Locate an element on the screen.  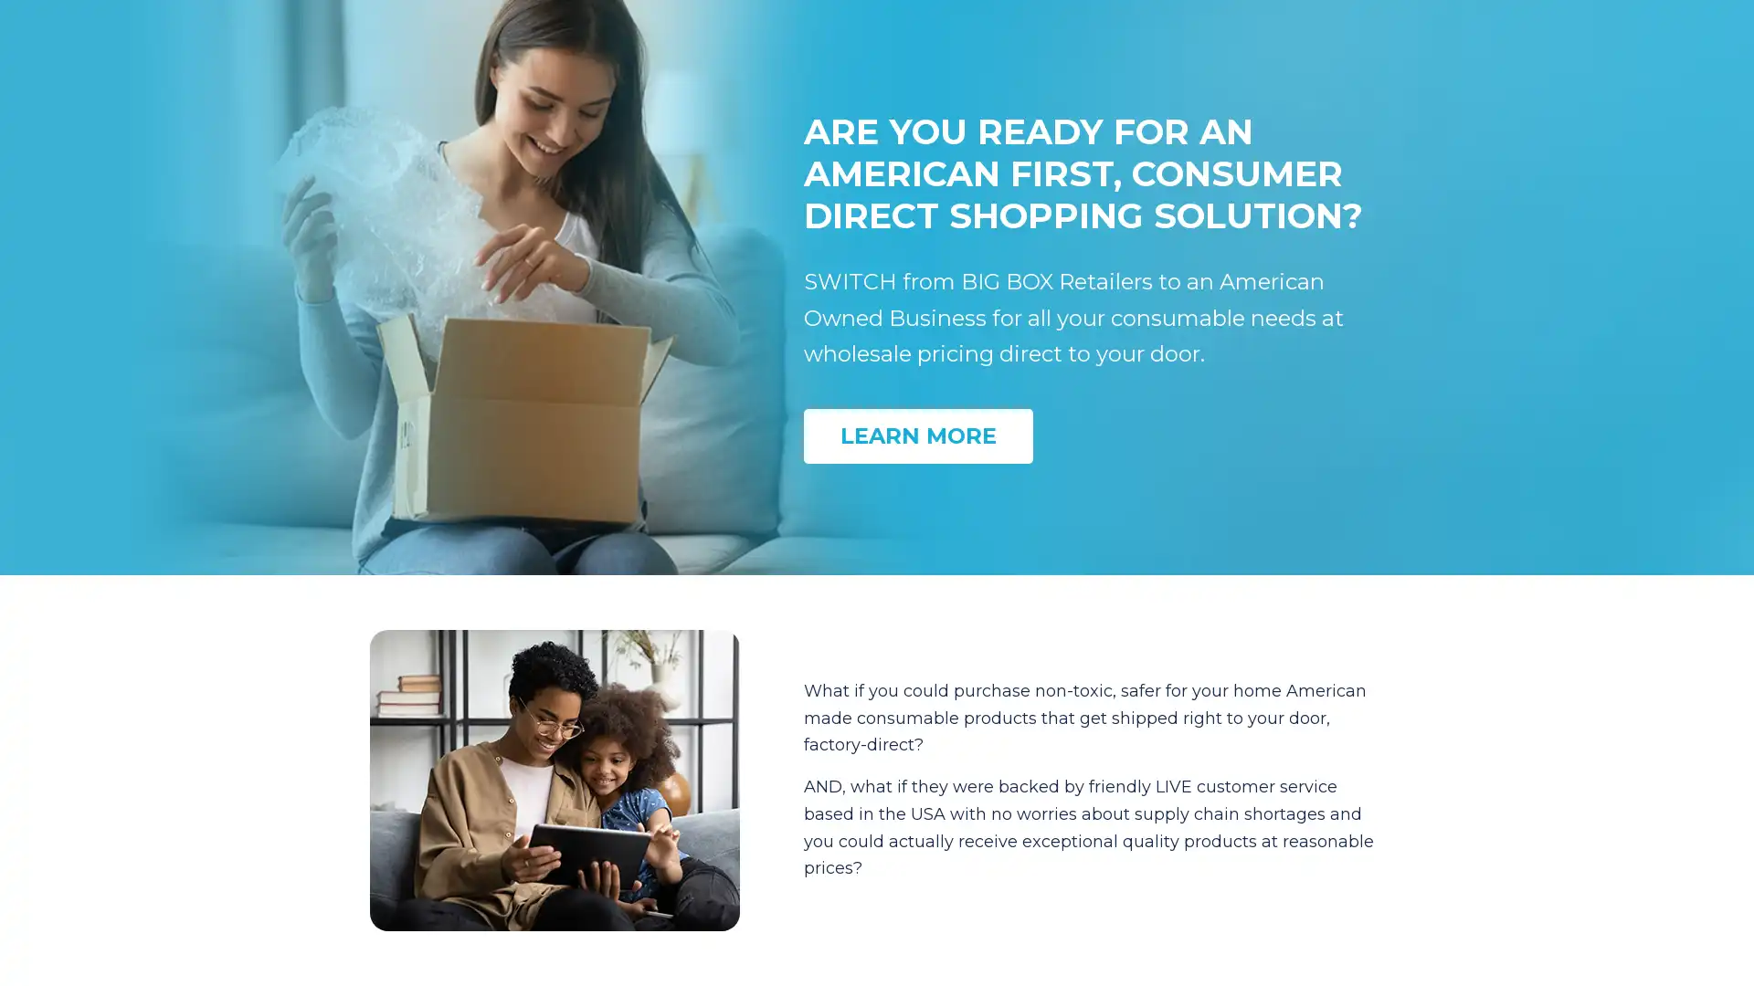
LEARN MORE is located at coordinates (918, 435).